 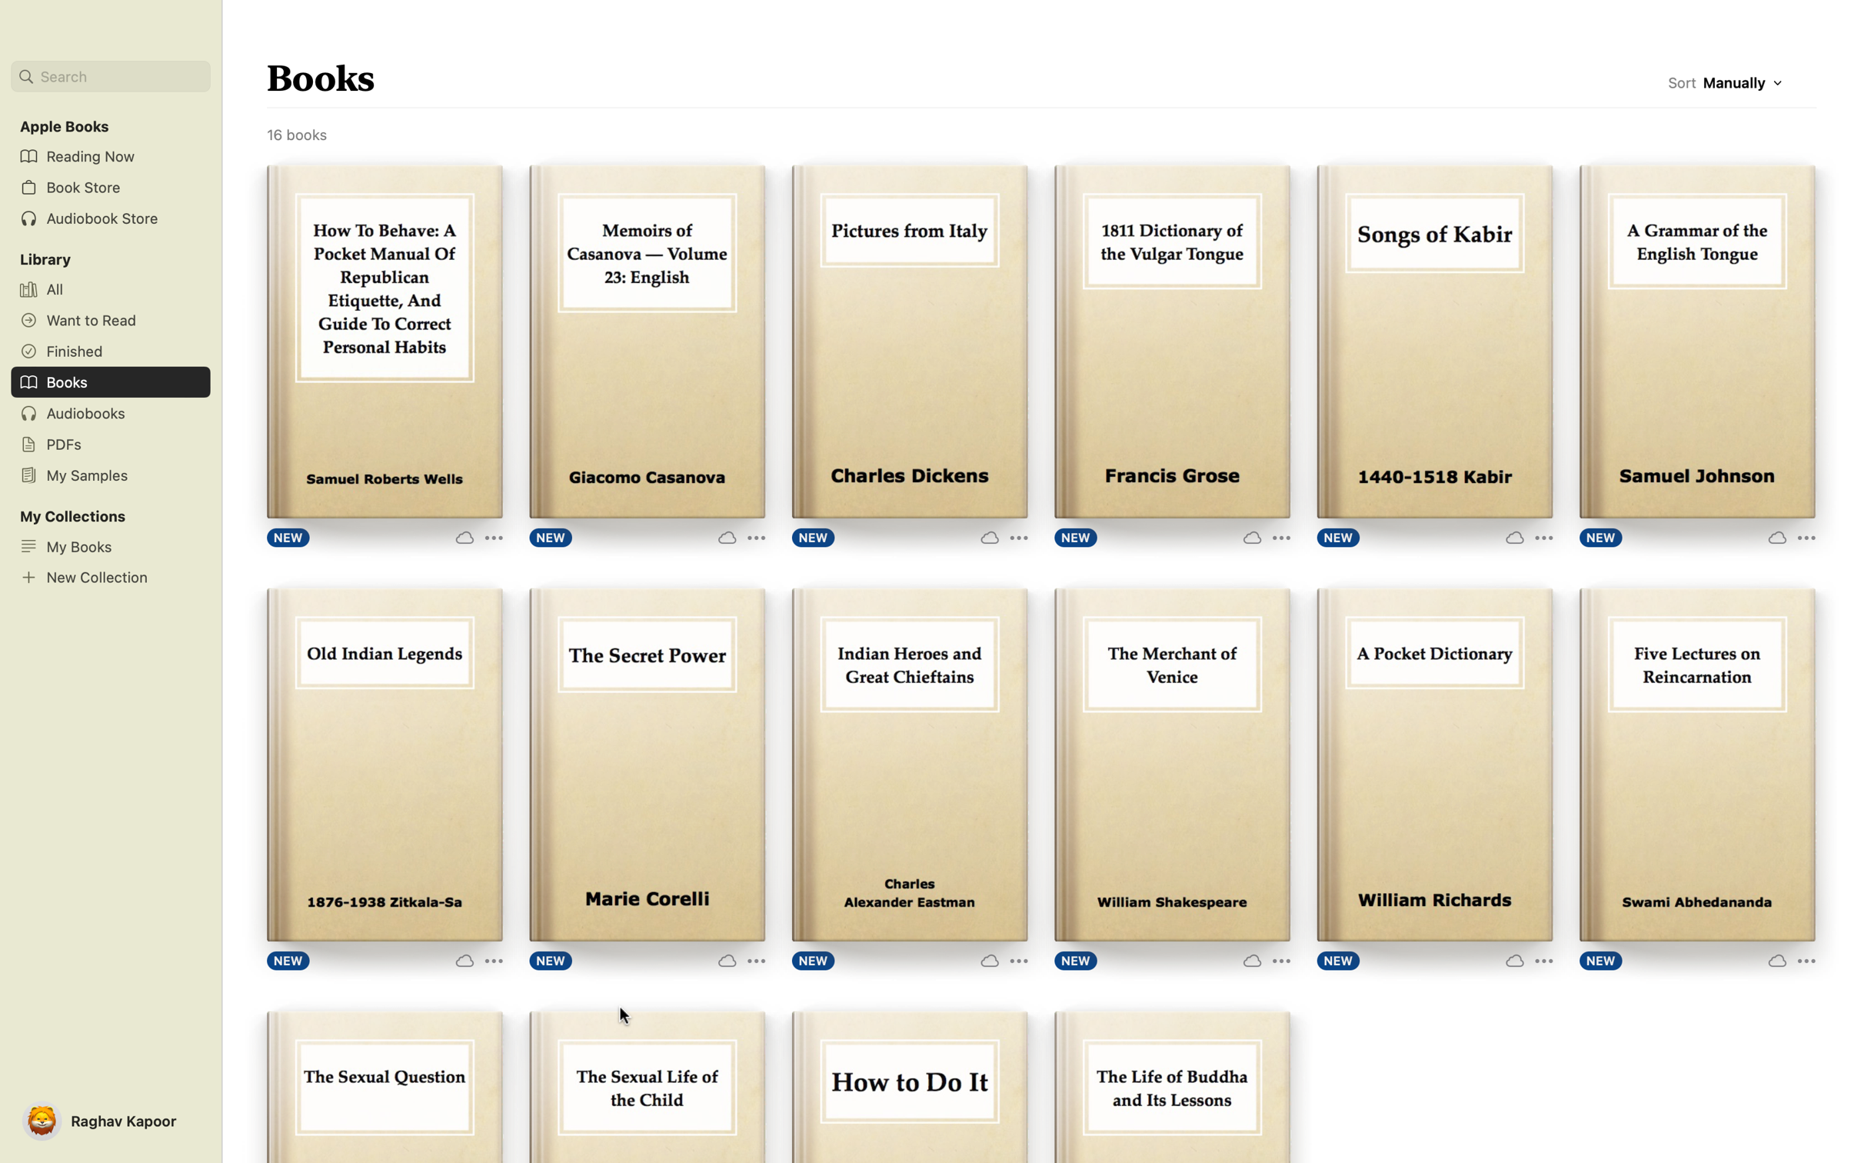 I want to click on the "More Options" button for the book "Pictures from Italy" to see additional options, so click(x=1000, y=536).